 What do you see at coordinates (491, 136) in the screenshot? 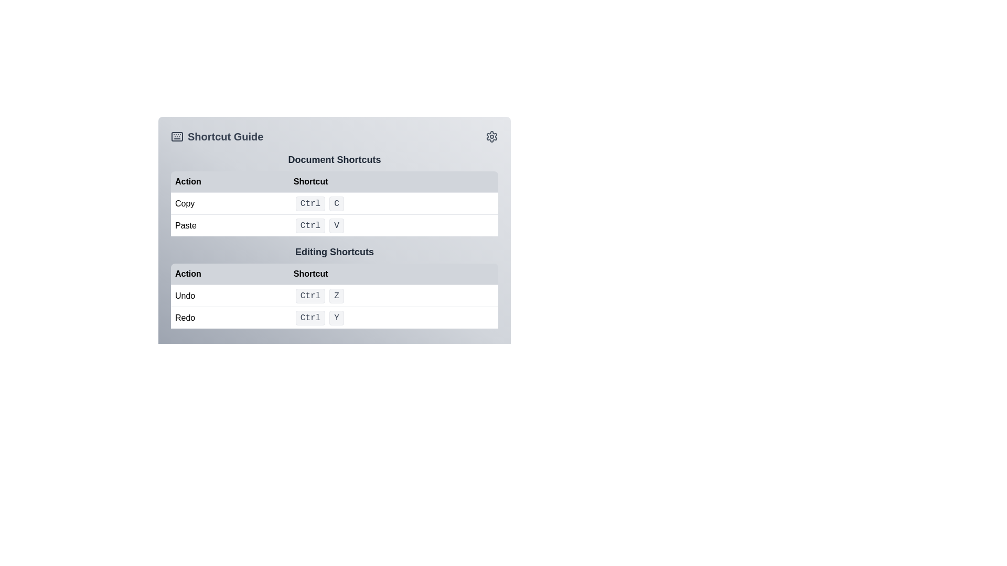
I see `the settings icon button located at the top-right corner of the 'Shortcut Guide' box, which serves as an access point to the settings or configuration options` at bounding box center [491, 136].